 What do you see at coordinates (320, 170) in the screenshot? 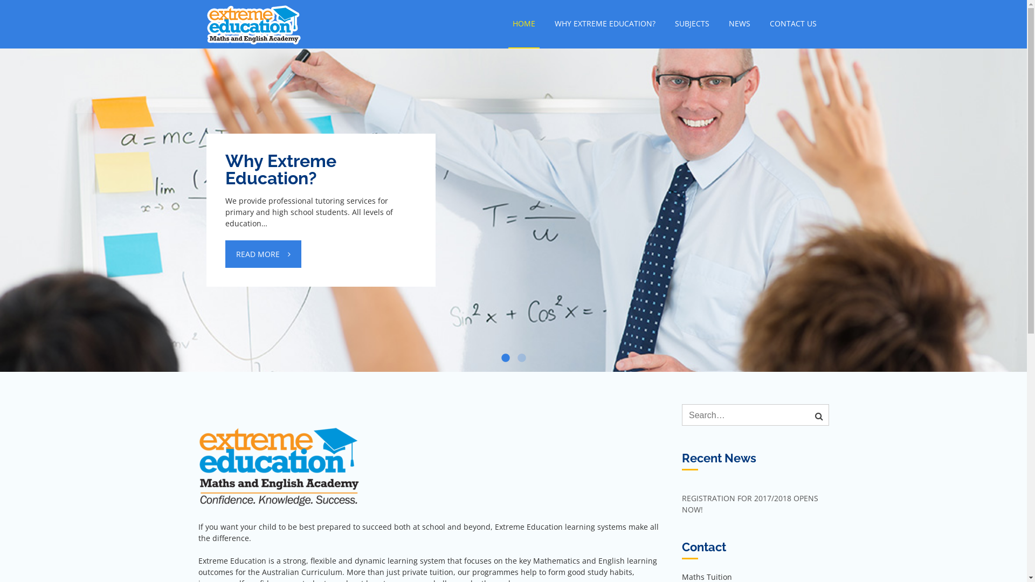
I see `'Why Extreme Education?'` at bounding box center [320, 170].